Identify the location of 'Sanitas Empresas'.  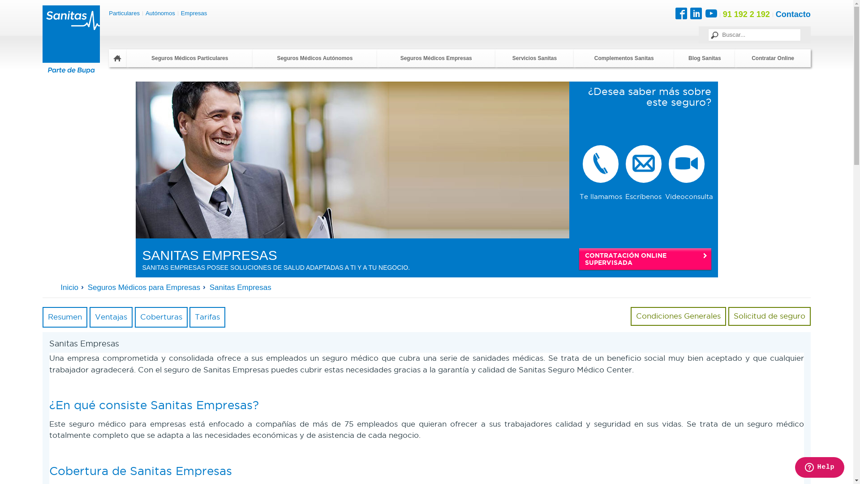
(241, 287).